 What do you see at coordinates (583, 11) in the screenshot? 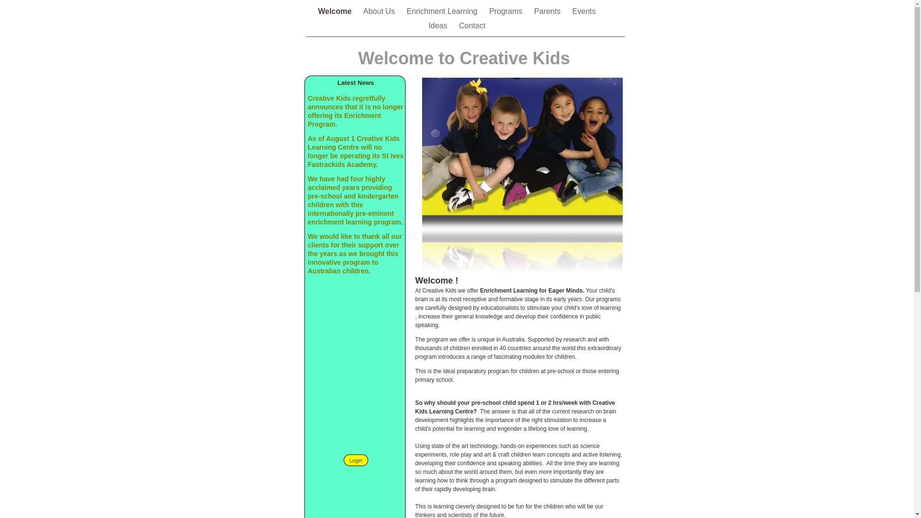
I see `'Events'` at bounding box center [583, 11].